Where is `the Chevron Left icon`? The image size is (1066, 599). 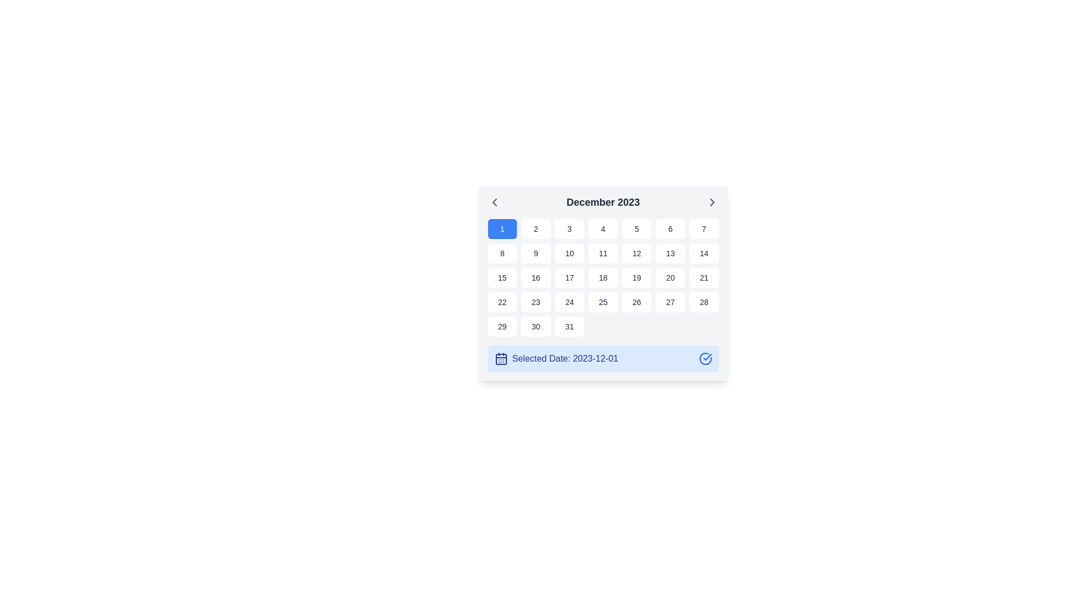 the Chevron Left icon is located at coordinates (494, 202).